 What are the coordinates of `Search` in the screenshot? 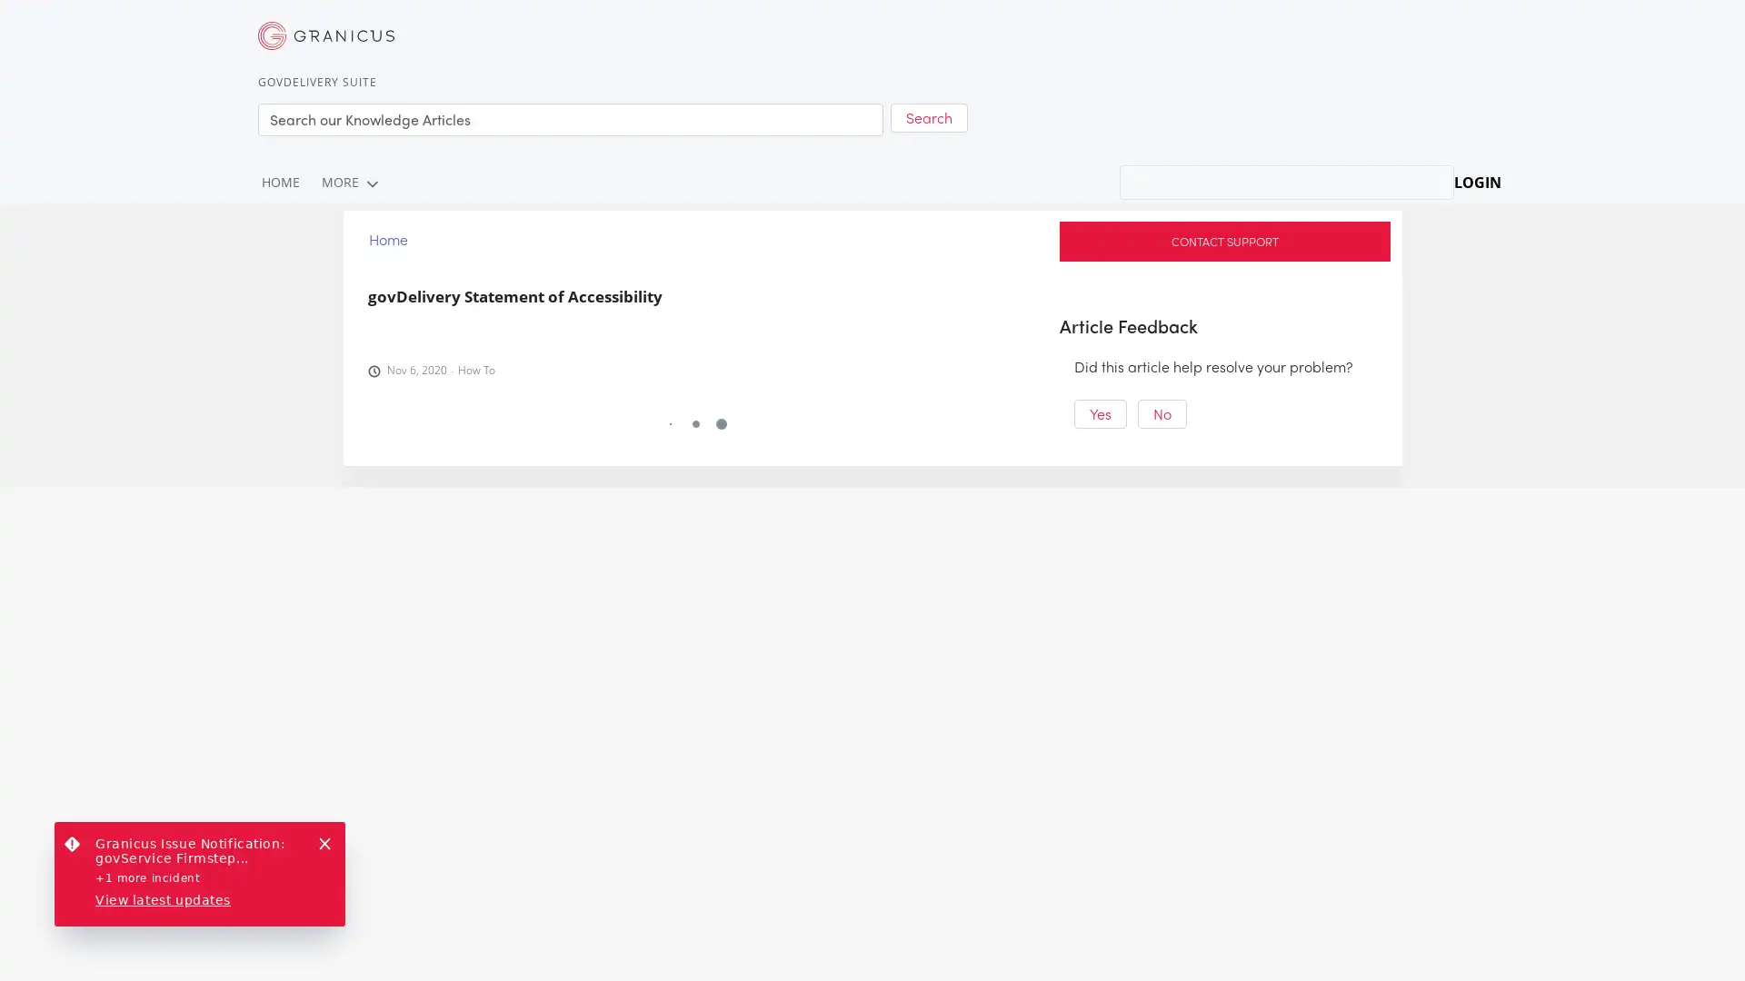 It's located at (929, 116).